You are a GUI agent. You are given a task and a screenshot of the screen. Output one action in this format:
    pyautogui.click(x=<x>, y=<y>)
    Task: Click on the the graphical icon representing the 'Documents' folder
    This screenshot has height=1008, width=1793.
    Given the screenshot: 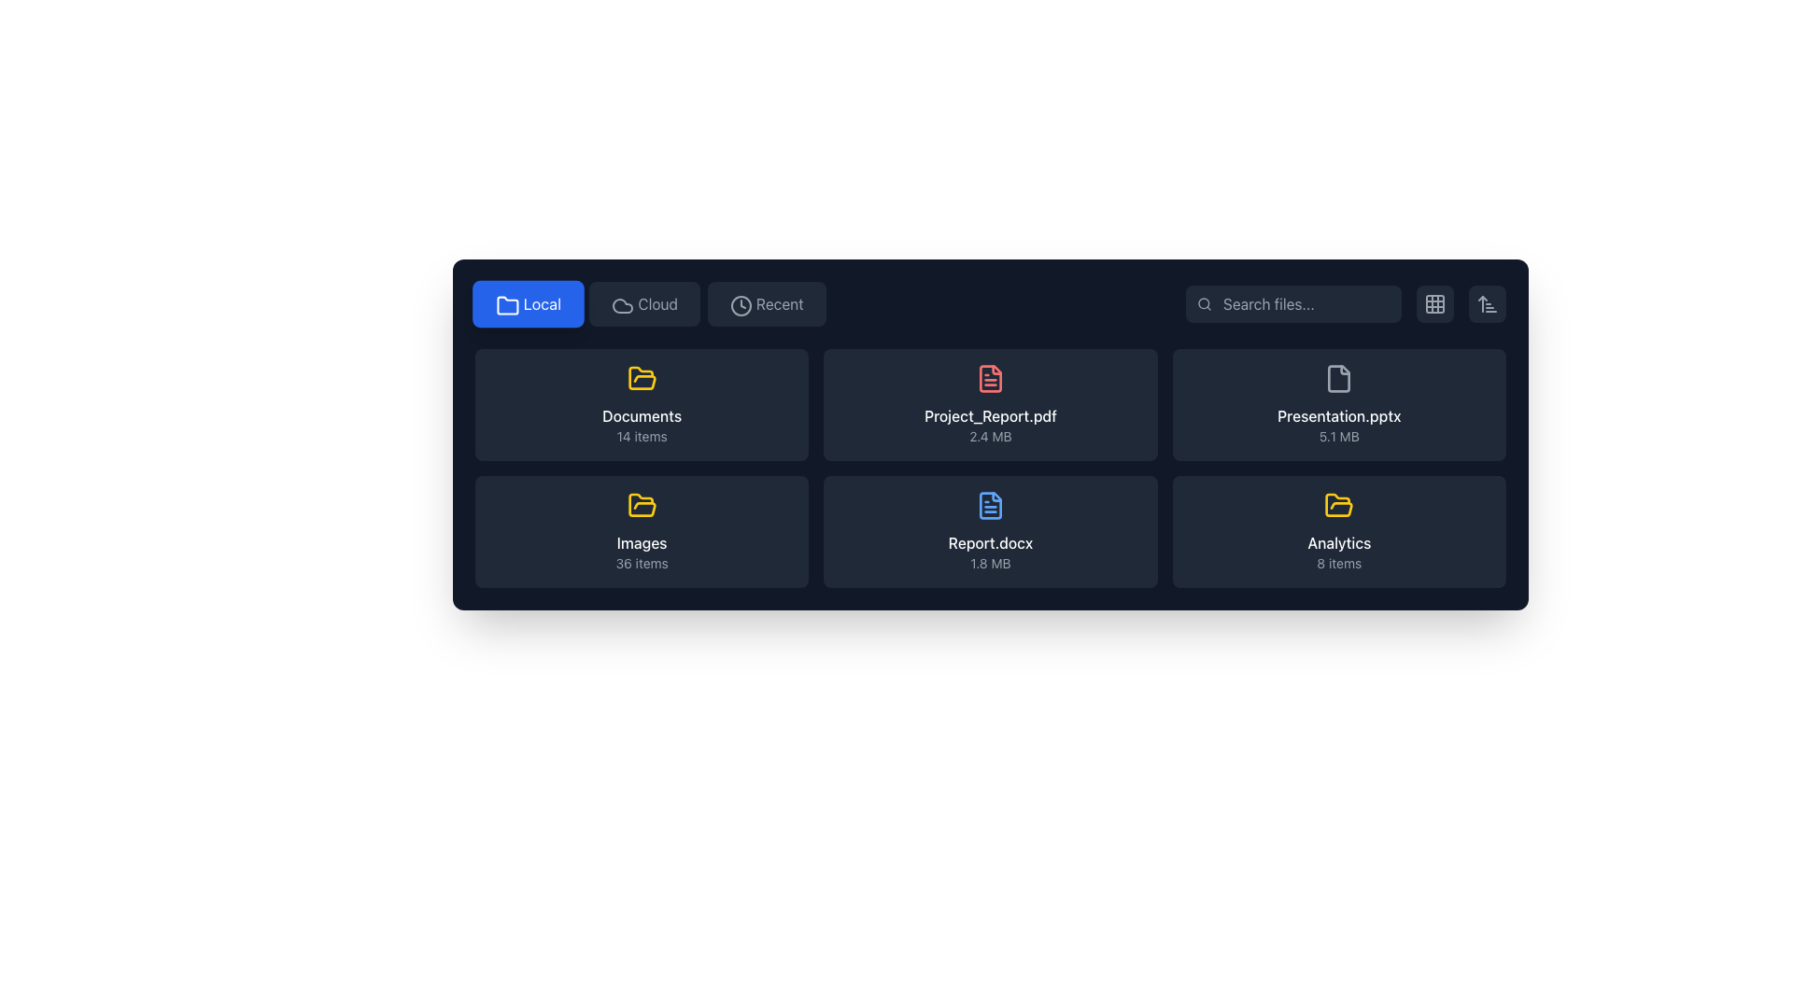 What is the action you would take?
    pyautogui.click(x=642, y=505)
    